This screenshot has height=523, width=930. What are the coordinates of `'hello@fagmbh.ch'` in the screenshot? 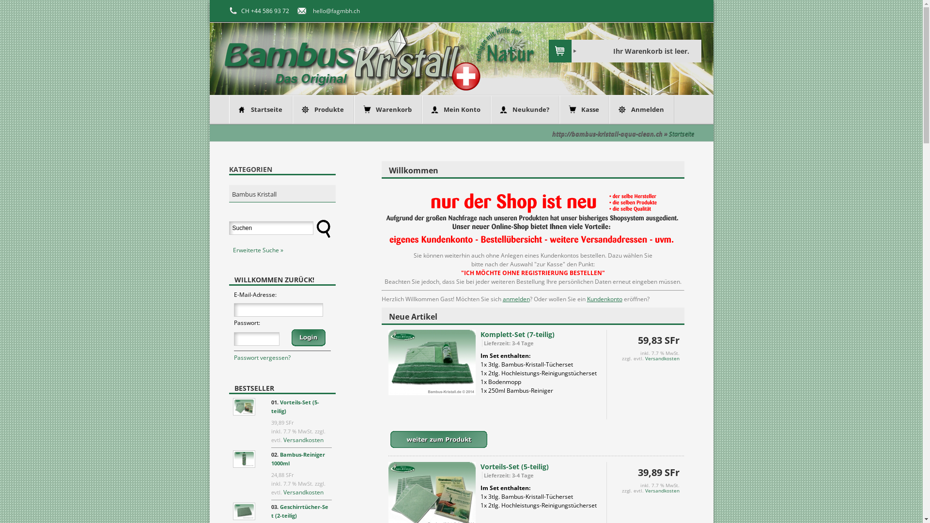 It's located at (336, 11).